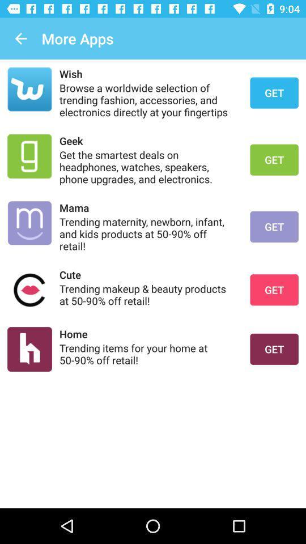  What do you see at coordinates (147, 166) in the screenshot?
I see `icon below the geek icon` at bounding box center [147, 166].